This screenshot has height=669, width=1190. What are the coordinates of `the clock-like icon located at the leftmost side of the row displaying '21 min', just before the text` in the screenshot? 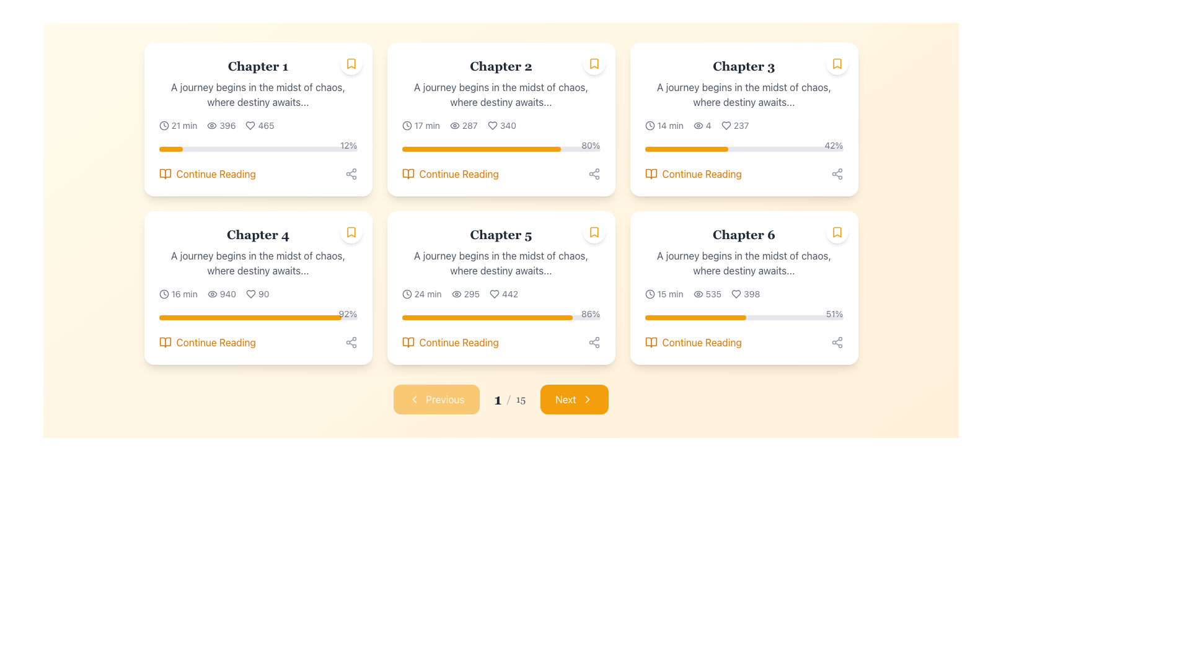 It's located at (163, 126).